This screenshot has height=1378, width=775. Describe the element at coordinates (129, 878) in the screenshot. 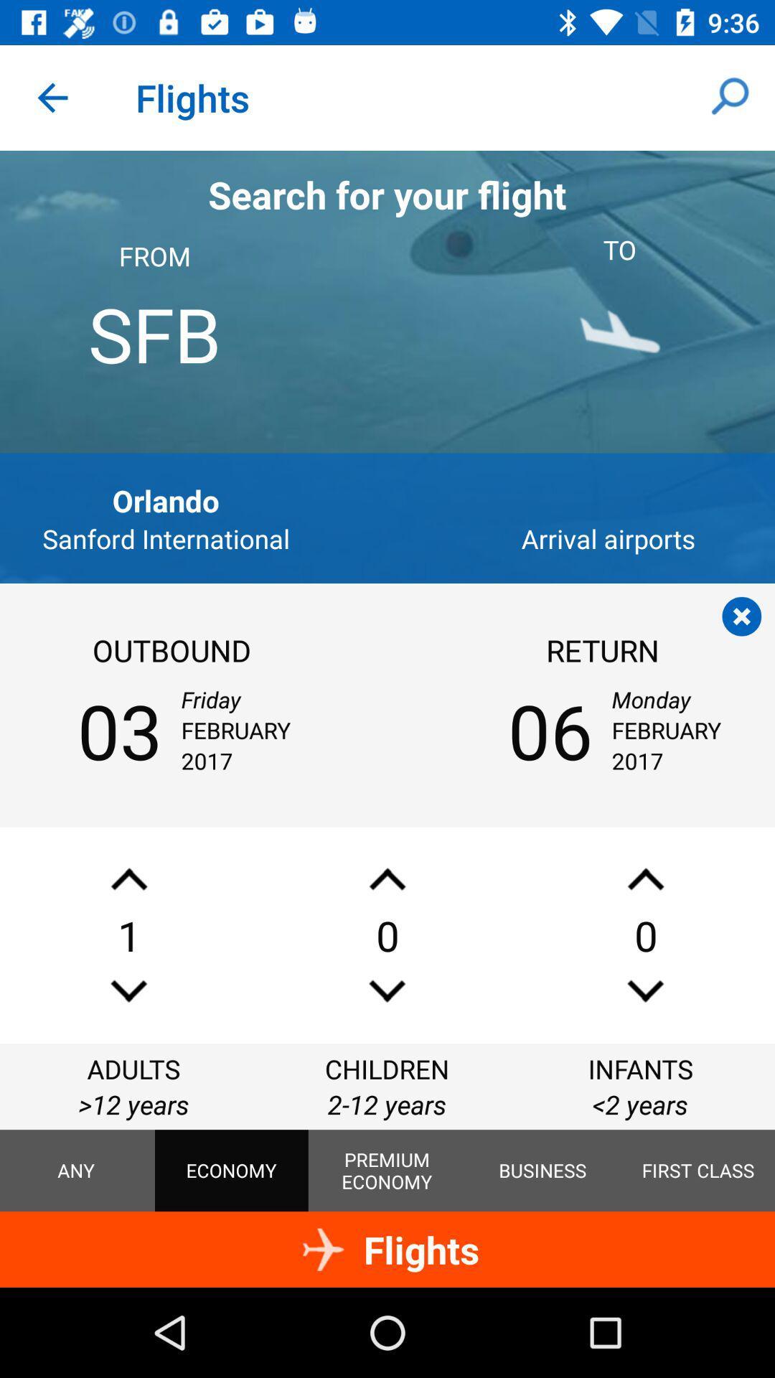

I see `the font icon` at that location.